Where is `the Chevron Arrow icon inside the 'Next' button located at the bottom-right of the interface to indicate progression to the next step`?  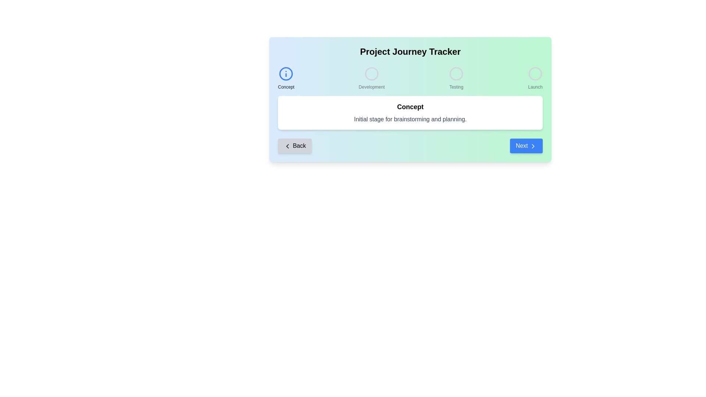 the Chevron Arrow icon inside the 'Next' button located at the bottom-right of the interface to indicate progression to the next step is located at coordinates (533, 146).